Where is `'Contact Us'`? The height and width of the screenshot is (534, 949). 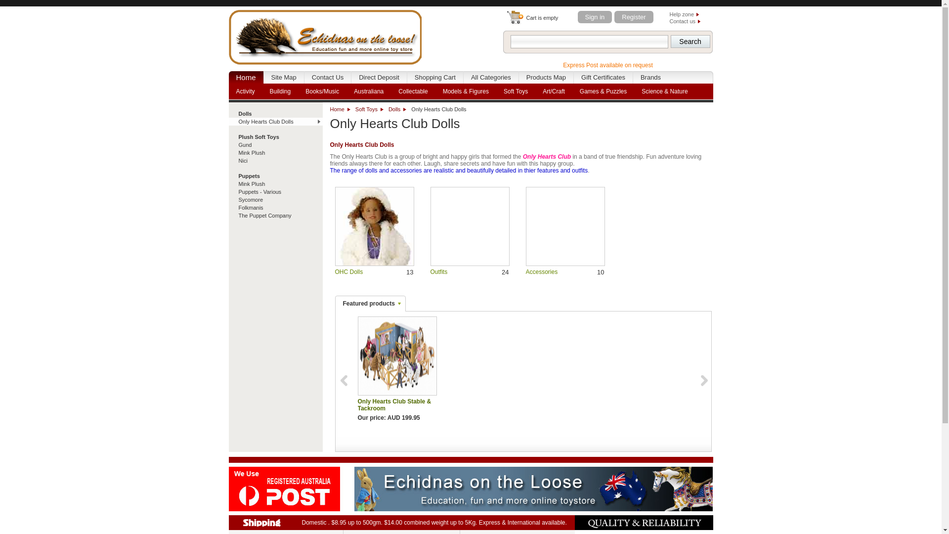 'Contact Us' is located at coordinates (303, 77).